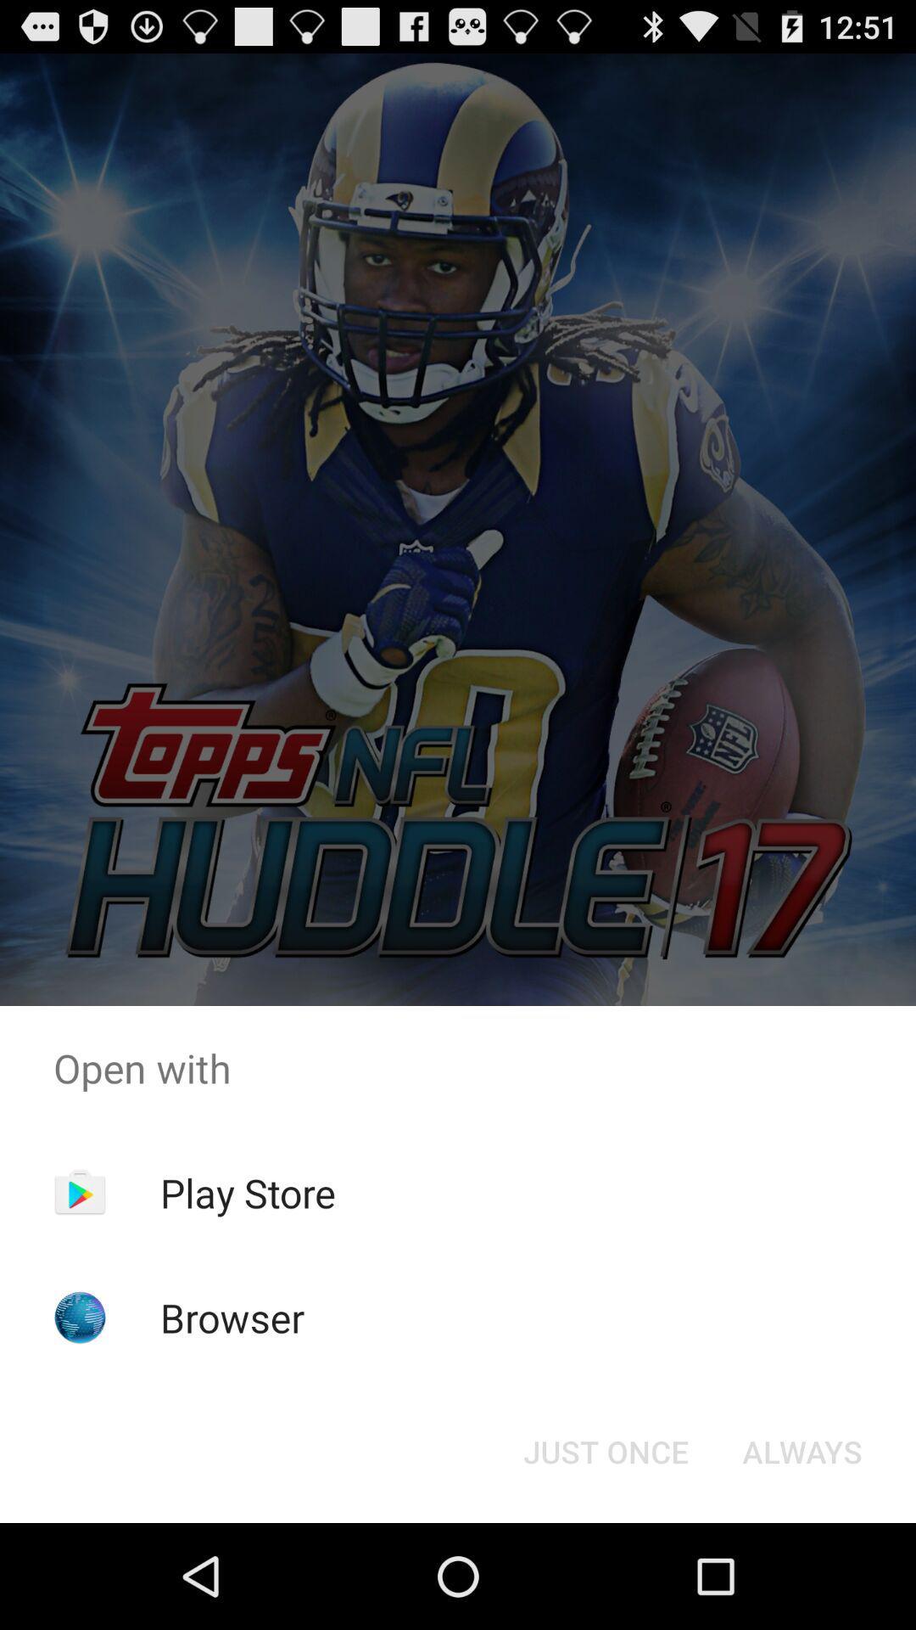 The width and height of the screenshot is (916, 1630). Describe the element at coordinates (232, 1317) in the screenshot. I see `browser app` at that location.